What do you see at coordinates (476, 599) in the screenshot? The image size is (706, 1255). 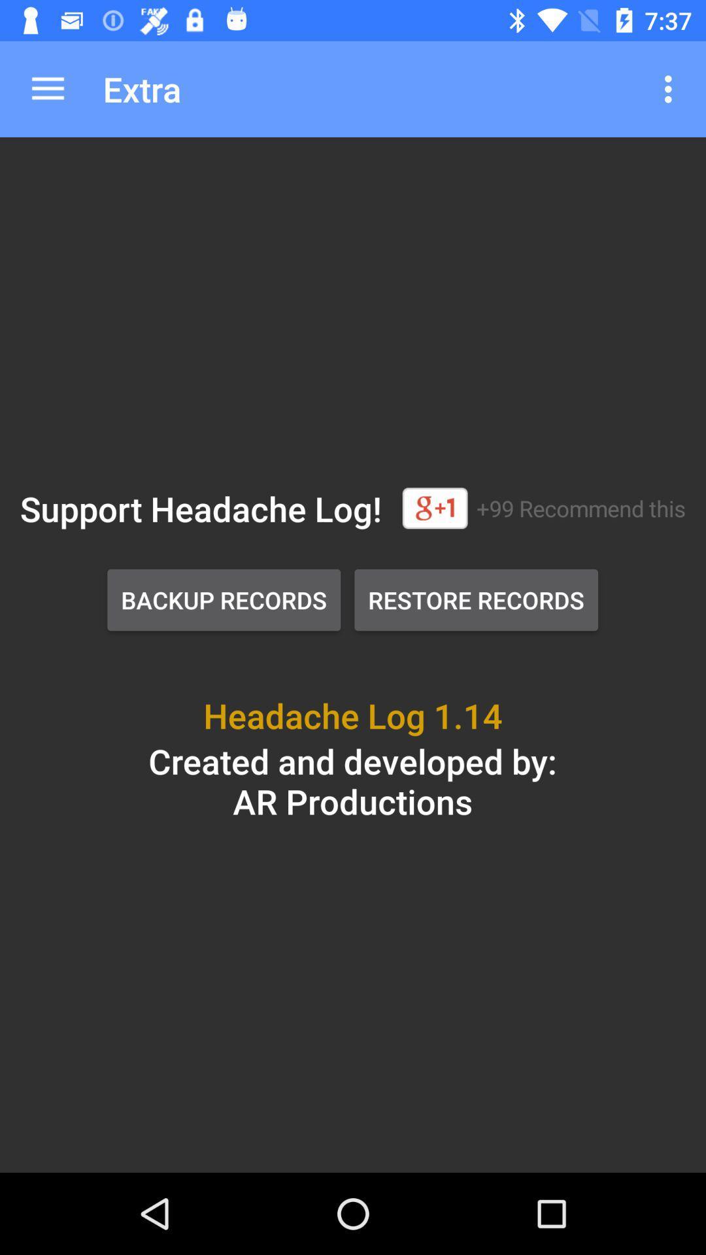 I see `the item to the right of the backup records button` at bounding box center [476, 599].